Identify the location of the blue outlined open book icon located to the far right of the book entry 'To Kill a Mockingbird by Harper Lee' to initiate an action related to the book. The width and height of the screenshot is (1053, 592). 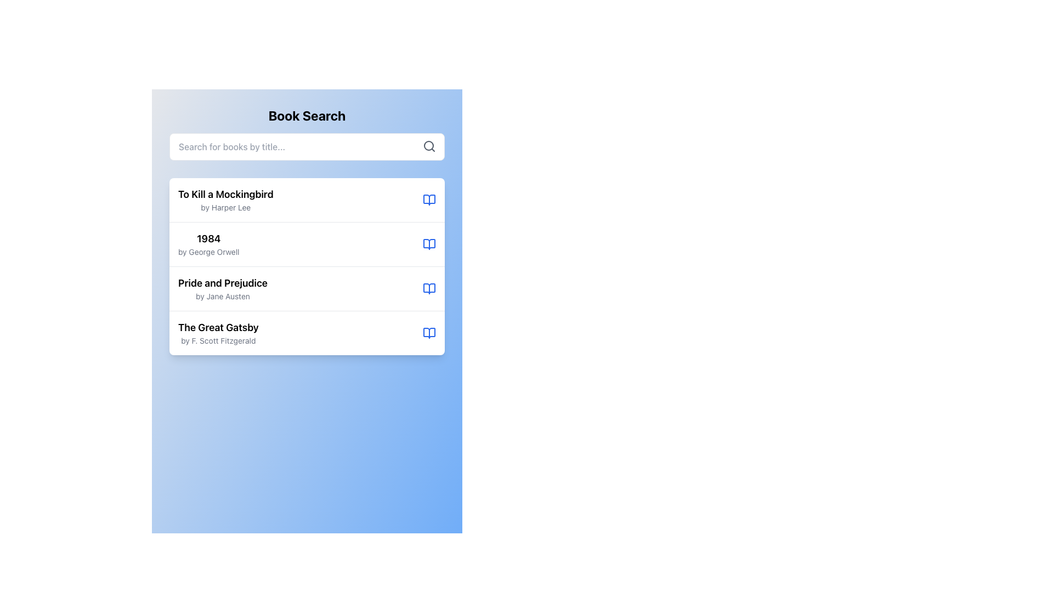
(428, 200).